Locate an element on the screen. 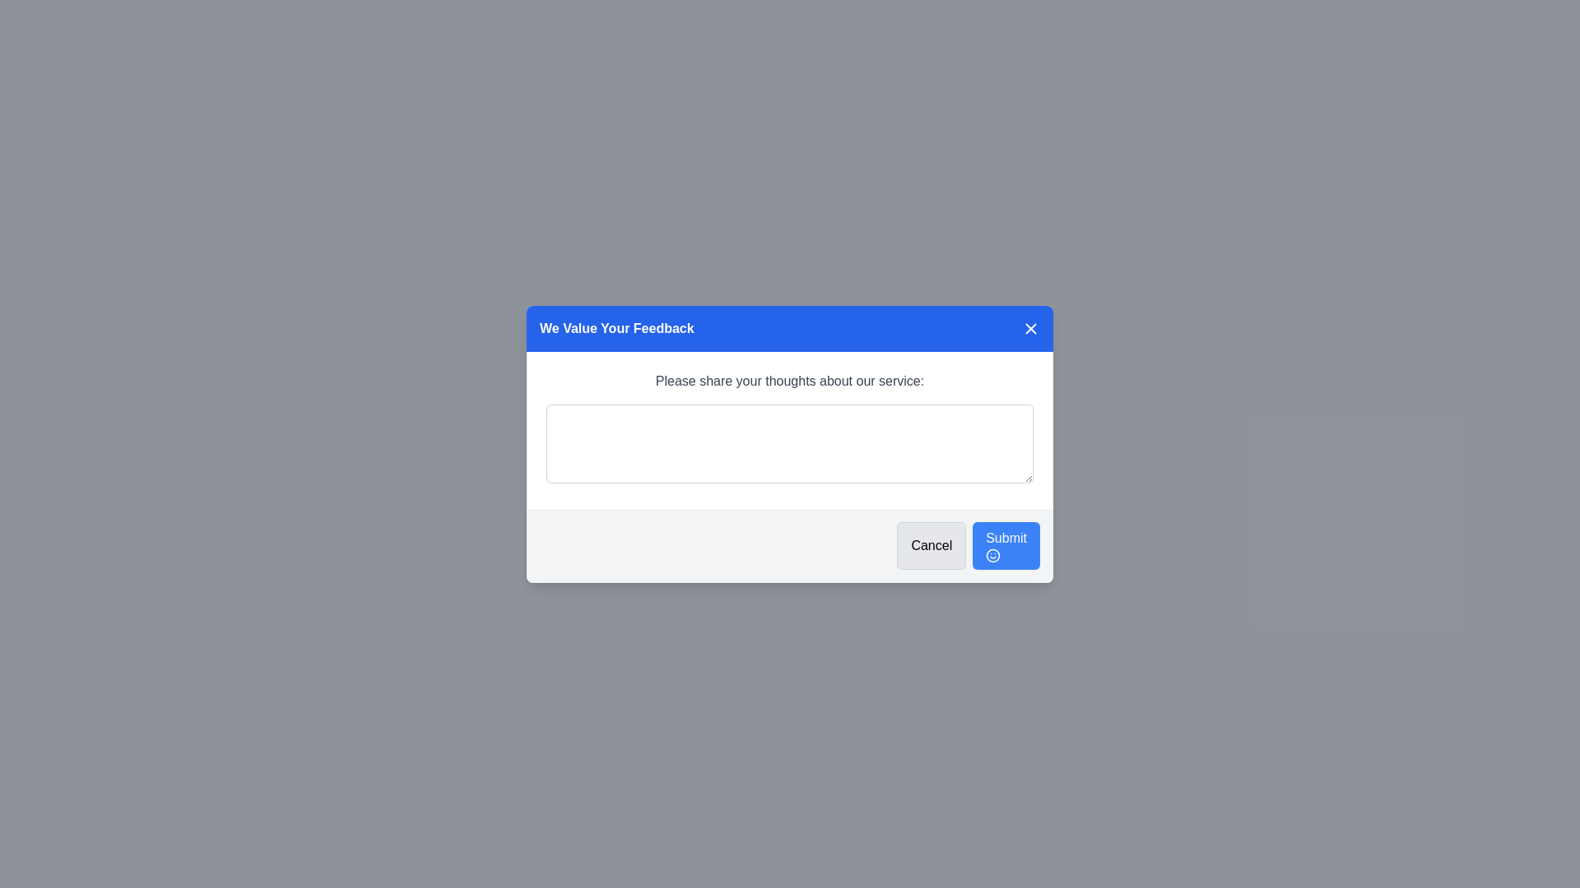  the 'Cancel' button located in the bottom-right section of the modal dialog is located at coordinates (932, 545).